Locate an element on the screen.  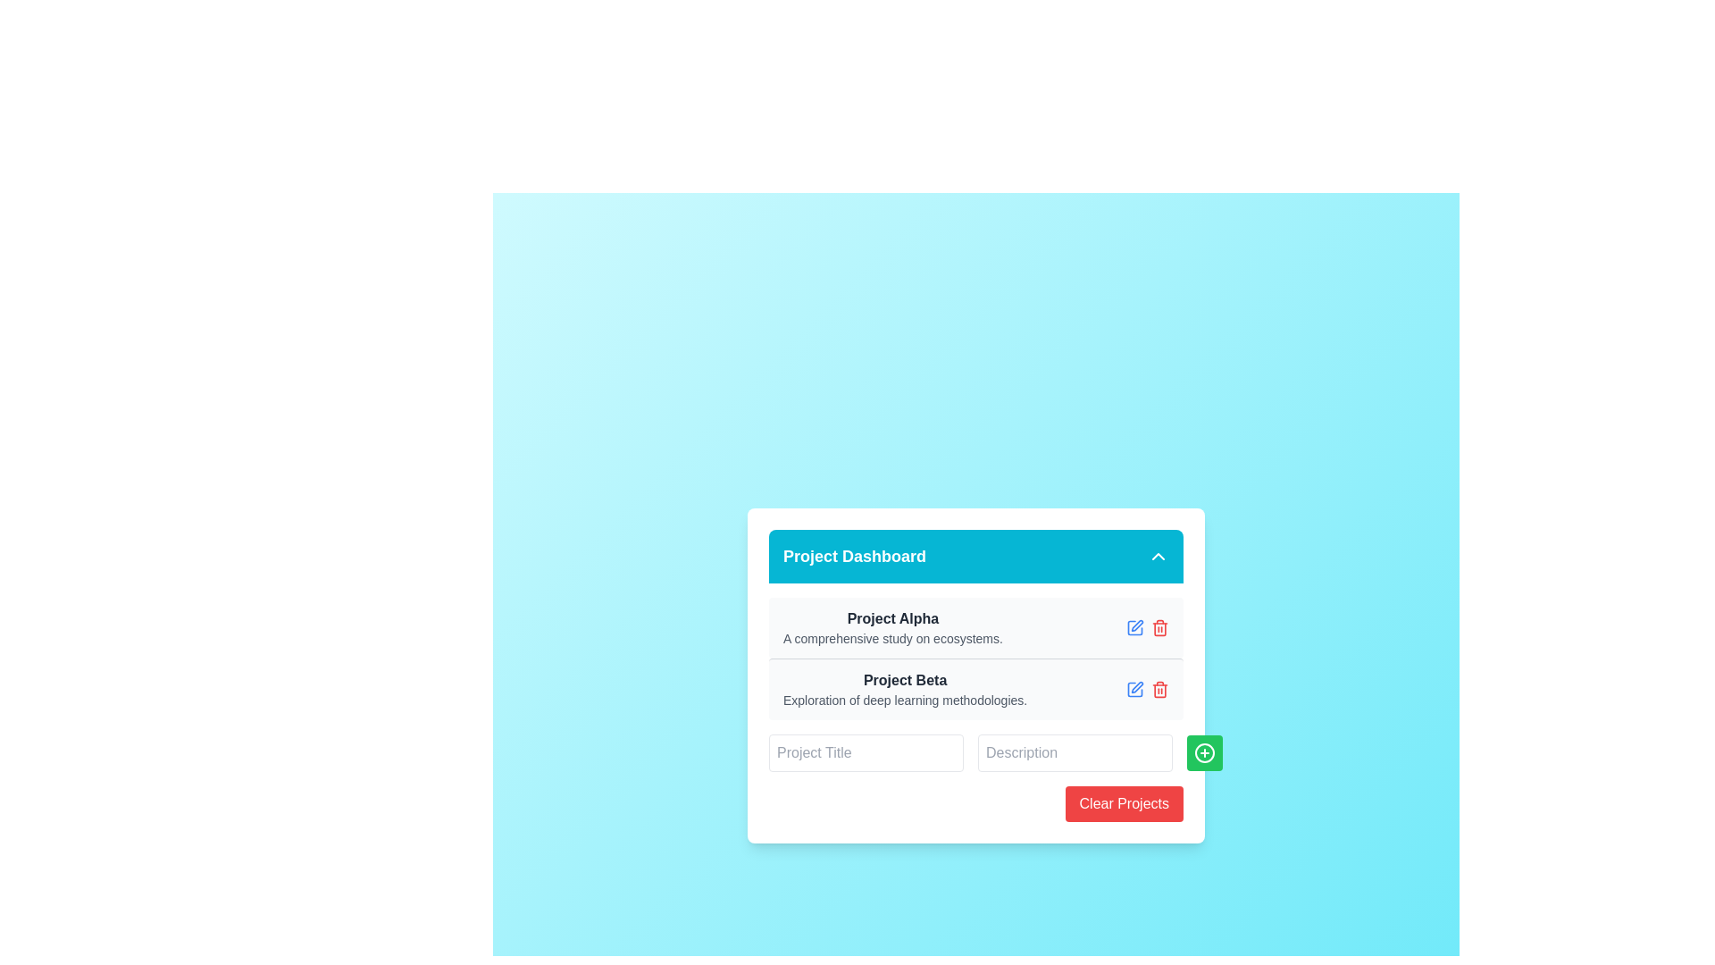
the small rounded square icon in the 'Project Beta' entry of the project list on the dashboard is located at coordinates (1134, 688).